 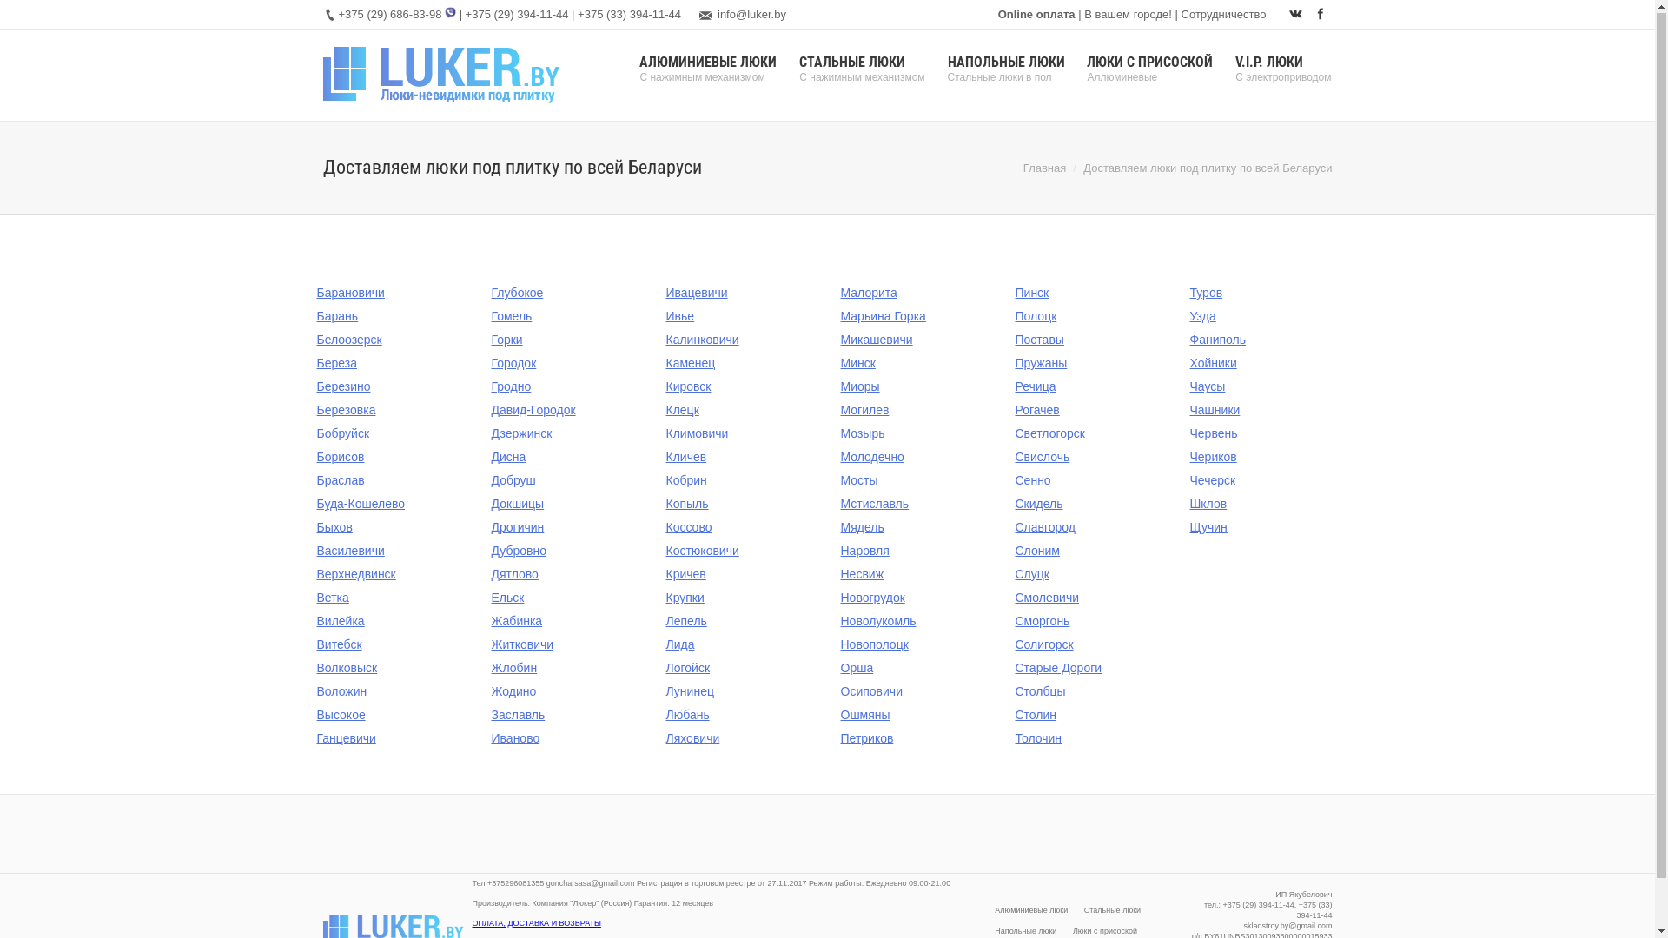 What do you see at coordinates (1296, 14) in the screenshot?
I see `'VK'` at bounding box center [1296, 14].